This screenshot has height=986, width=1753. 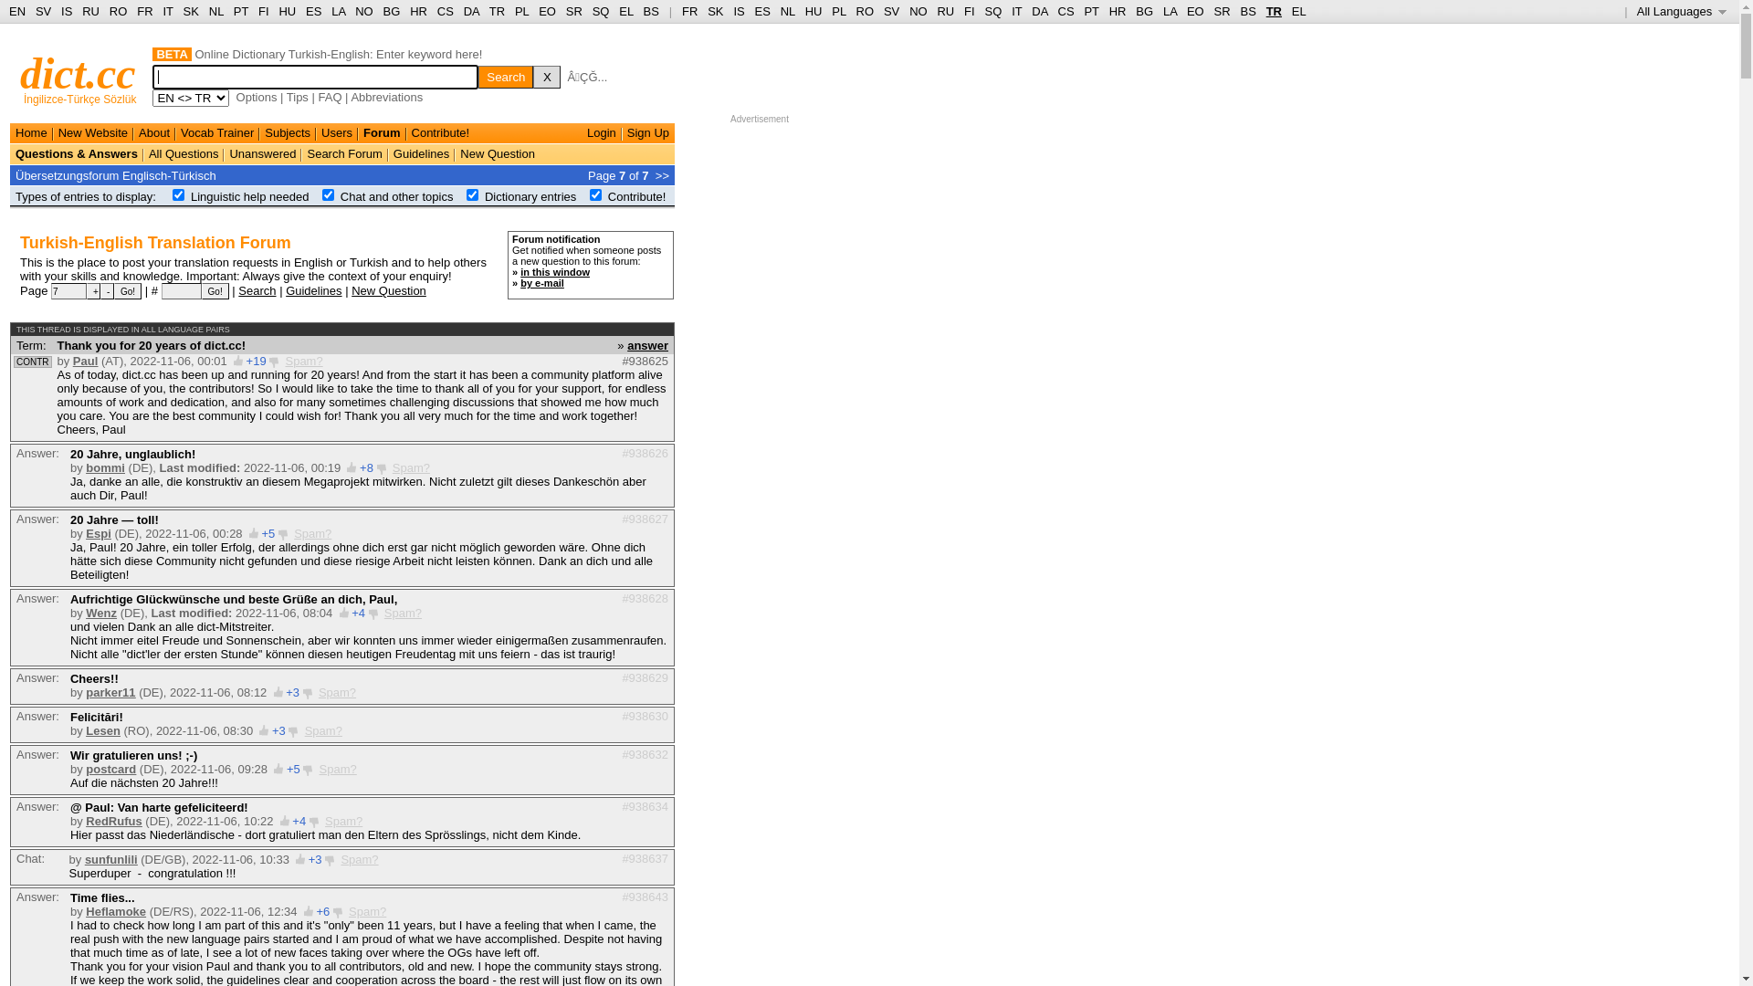 What do you see at coordinates (497, 11) in the screenshot?
I see `'TR'` at bounding box center [497, 11].